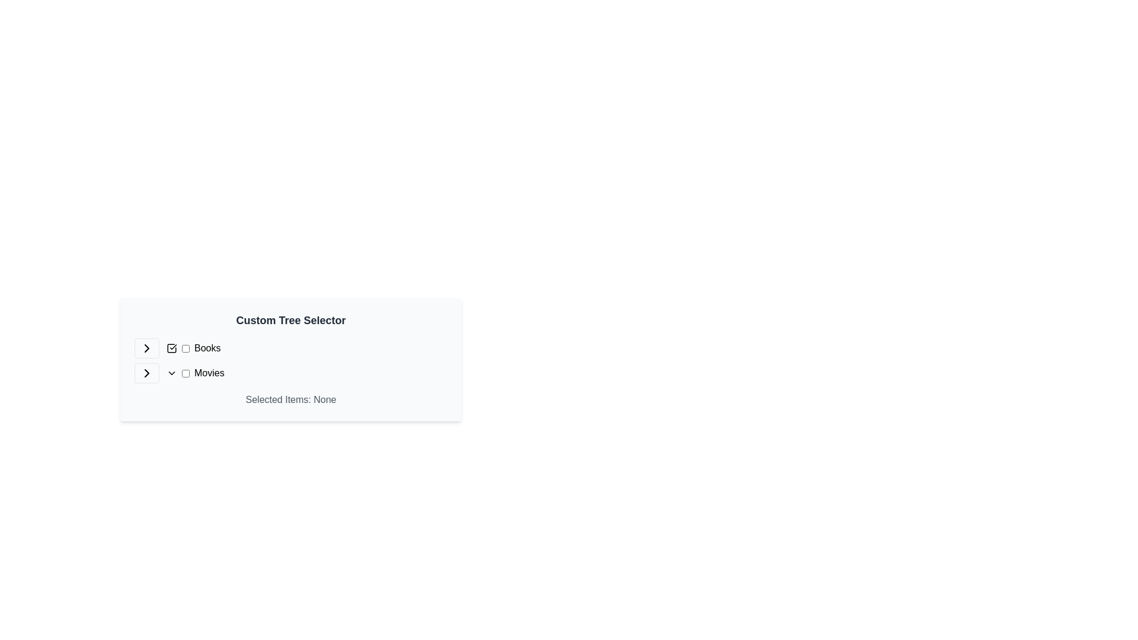 This screenshot has width=1138, height=640. I want to click on the expandable list item named 'Books' within the 'Custom Tree Selector' component, so click(290, 347).